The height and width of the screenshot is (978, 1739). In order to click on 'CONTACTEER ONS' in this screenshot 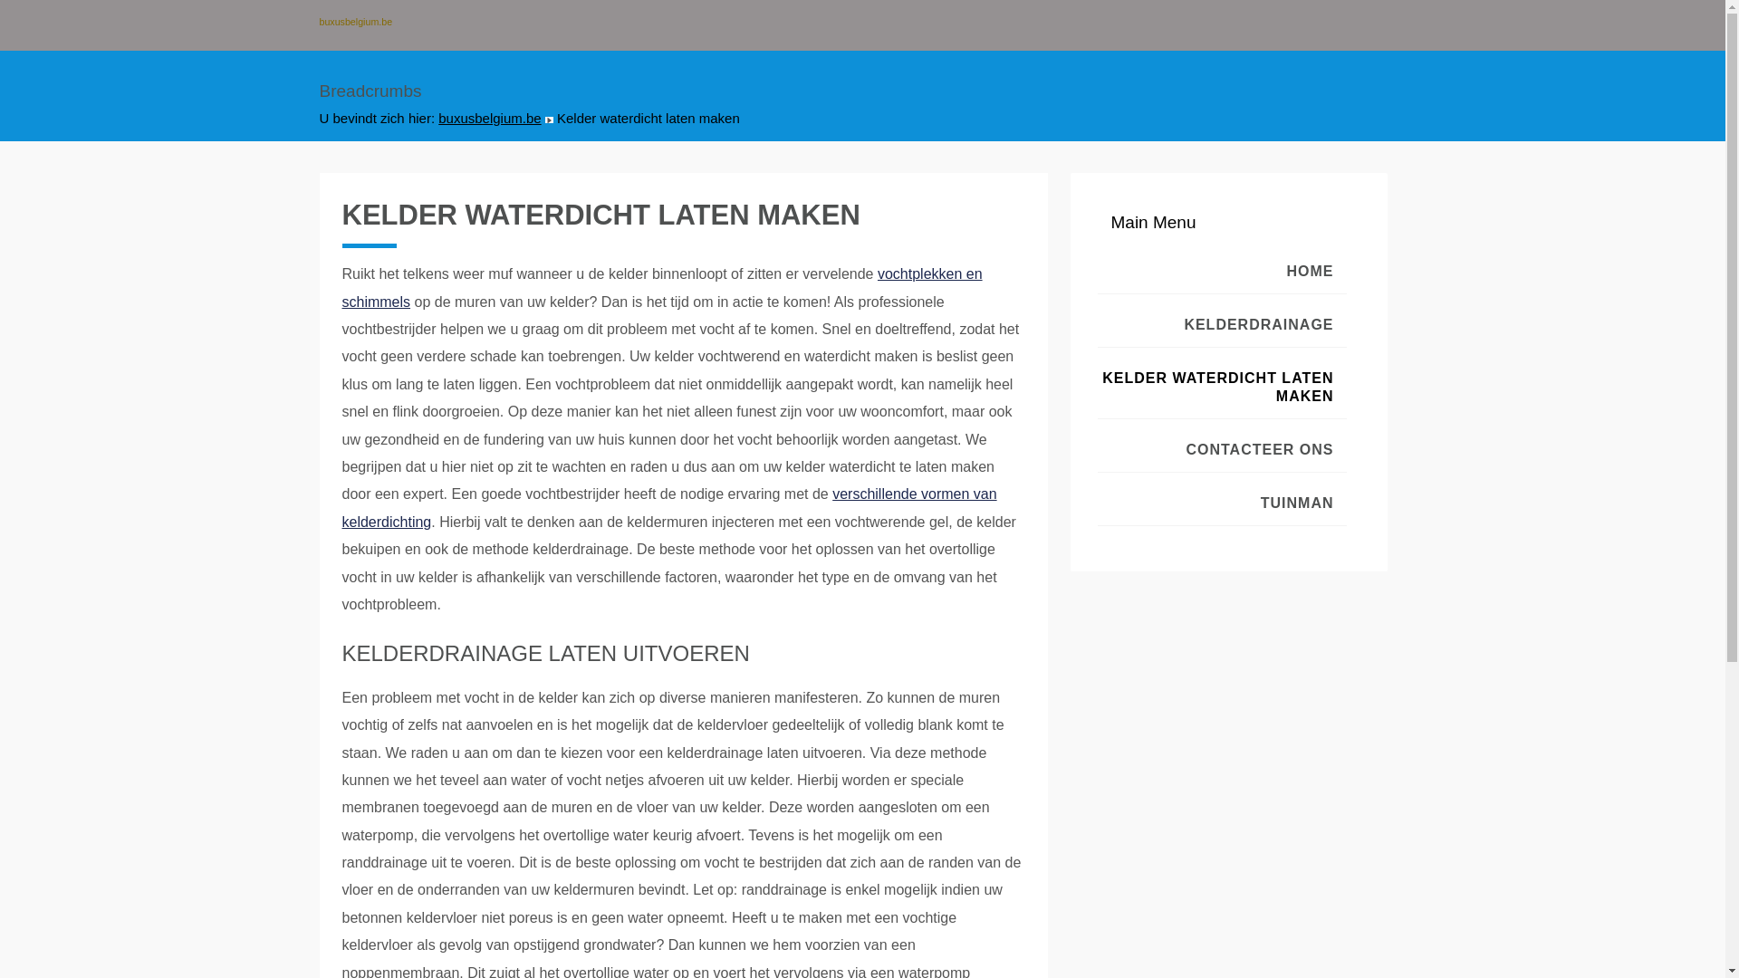, I will do `click(1222, 449)`.